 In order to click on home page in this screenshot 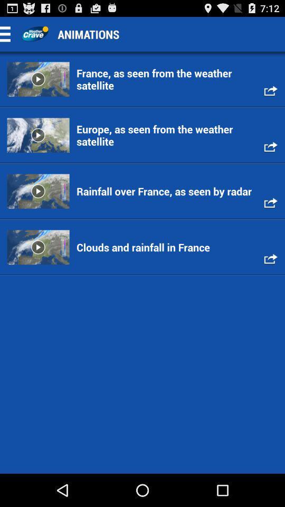, I will do `click(34, 34)`.